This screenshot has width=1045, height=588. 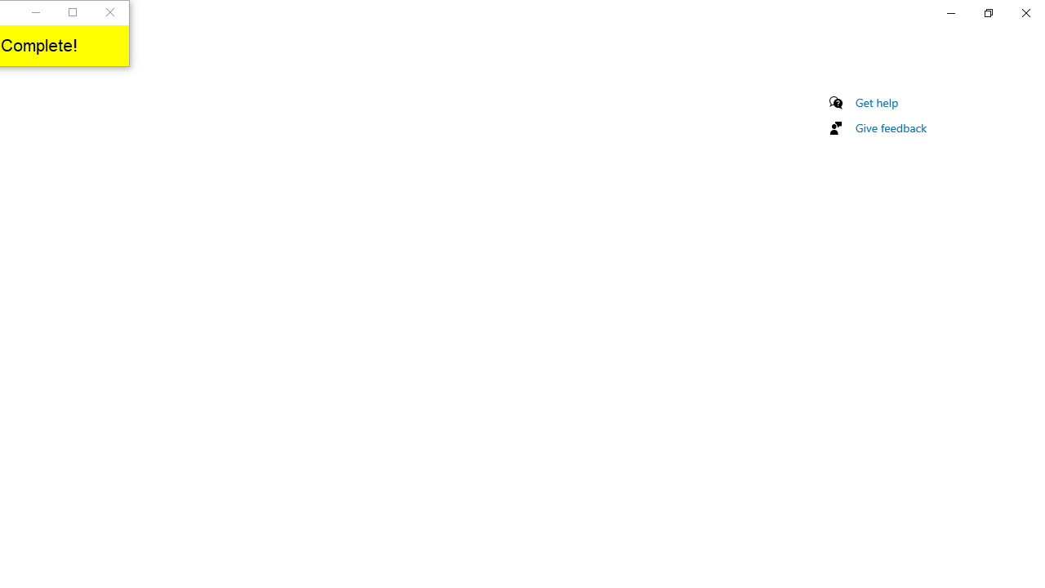 What do you see at coordinates (1025, 12) in the screenshot?
I see `'Close Settings'` at bounding box center [1025, 12].